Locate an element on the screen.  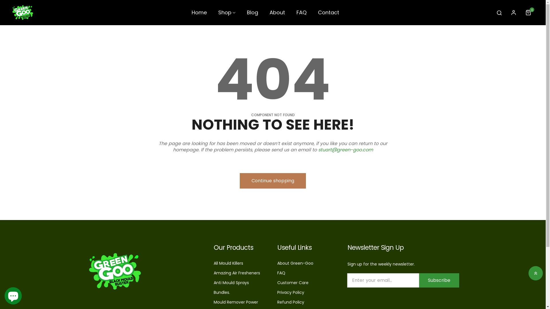
'Subscribe' is located at coordinates (438, 280).